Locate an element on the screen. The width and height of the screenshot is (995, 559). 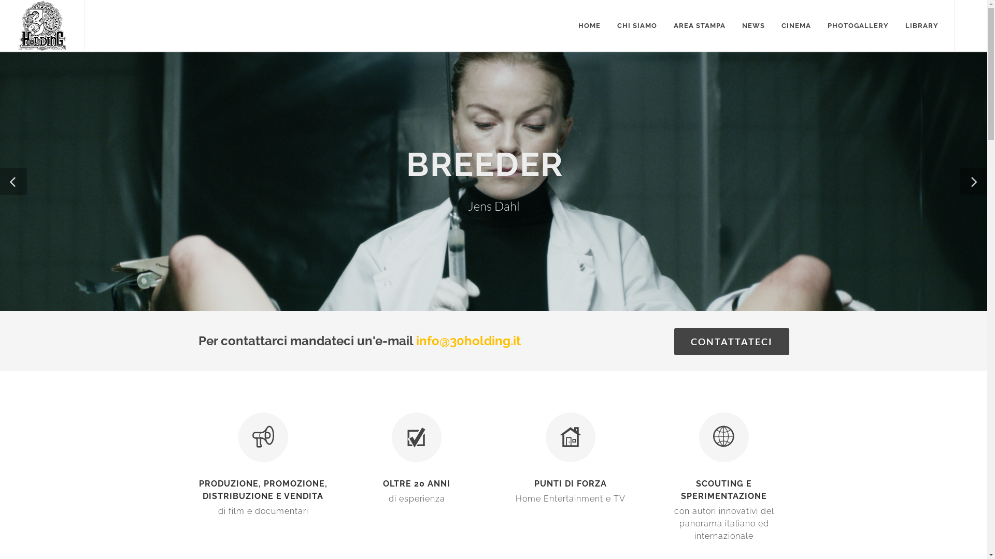
'NEWS' is located at coordinates (733, 25).